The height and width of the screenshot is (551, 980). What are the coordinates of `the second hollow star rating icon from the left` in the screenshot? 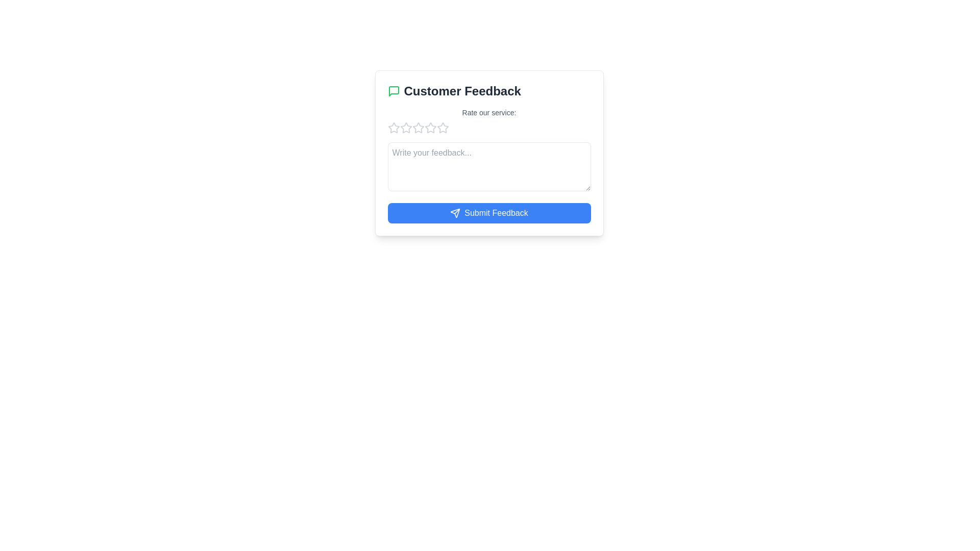 It's located at (443, 127).